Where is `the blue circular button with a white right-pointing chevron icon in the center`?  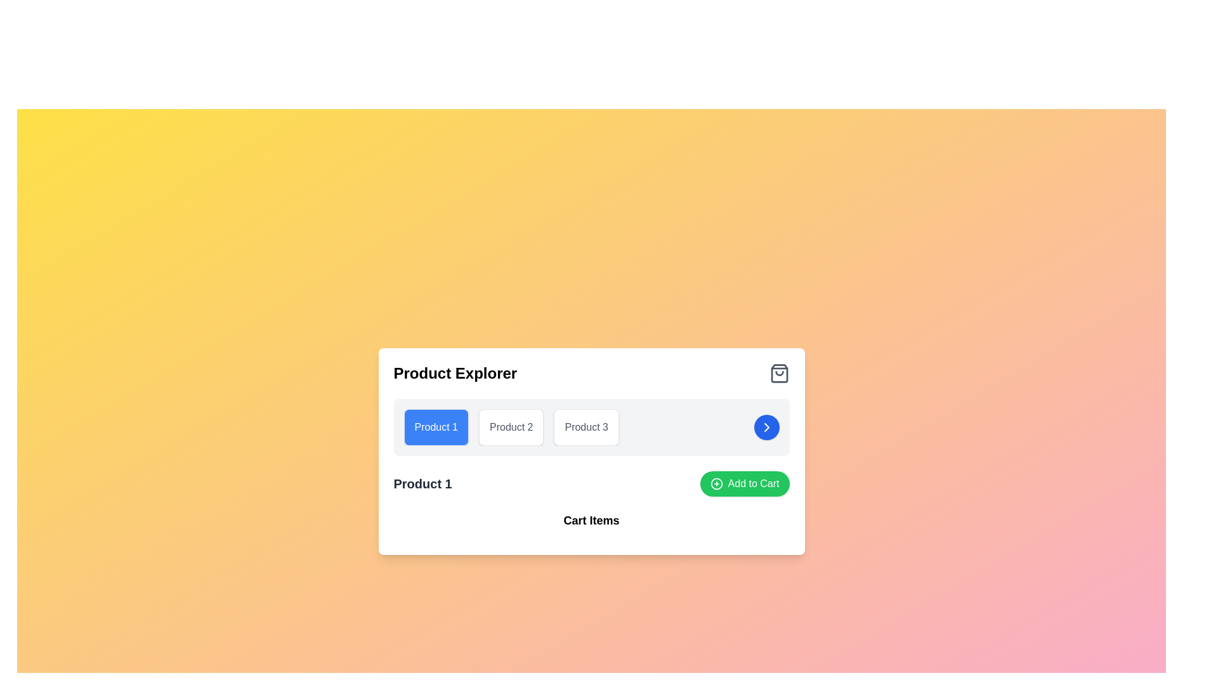
the blue circular button with a white right-pointing chevron icon in the center is located at coordinates (766, 427).